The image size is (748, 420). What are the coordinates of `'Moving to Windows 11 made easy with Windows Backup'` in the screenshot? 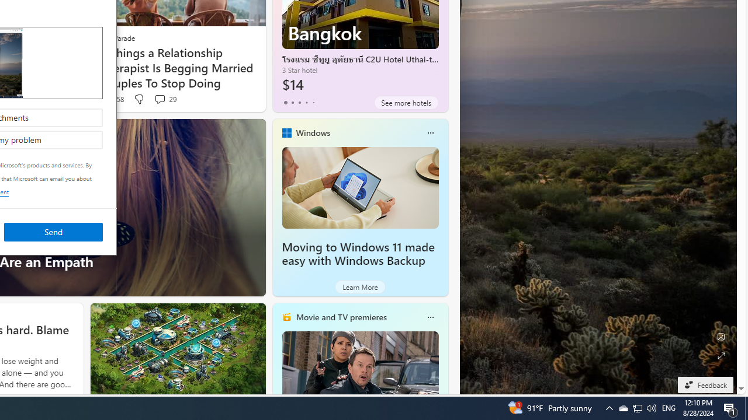 It's located at (359, 187).